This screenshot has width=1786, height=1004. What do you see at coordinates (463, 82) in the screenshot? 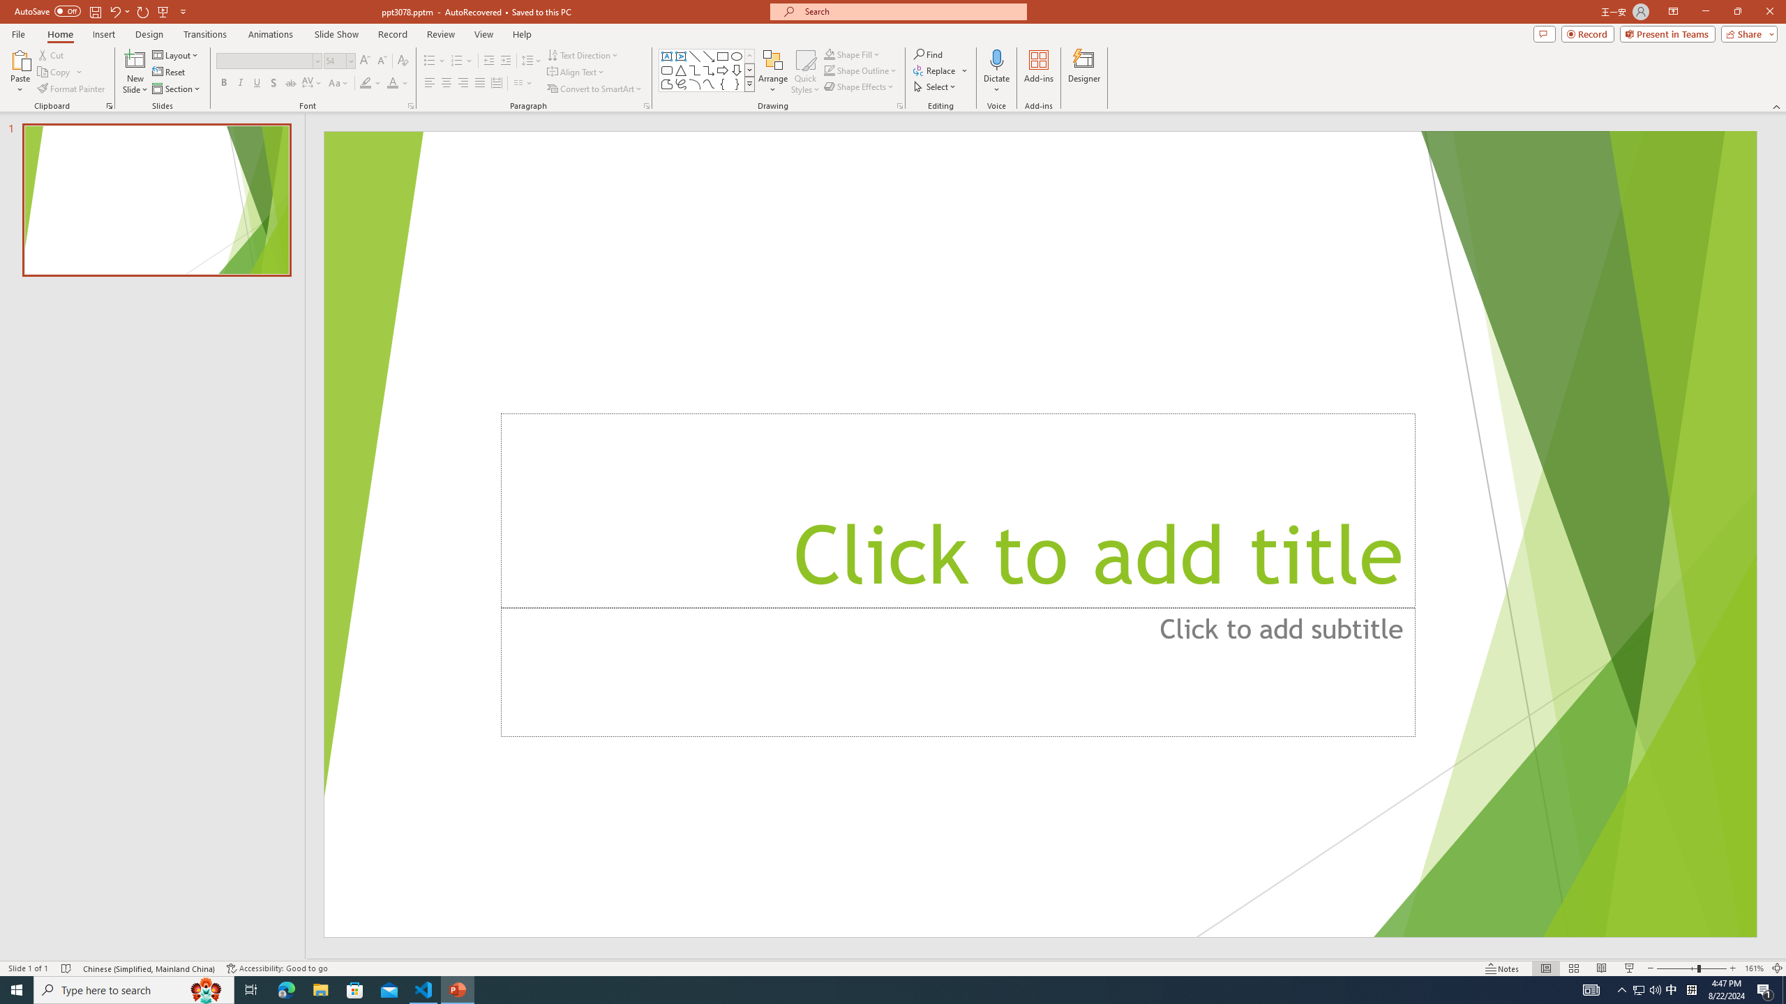
I see `'Align Right'` at bounding box center [463, 82].